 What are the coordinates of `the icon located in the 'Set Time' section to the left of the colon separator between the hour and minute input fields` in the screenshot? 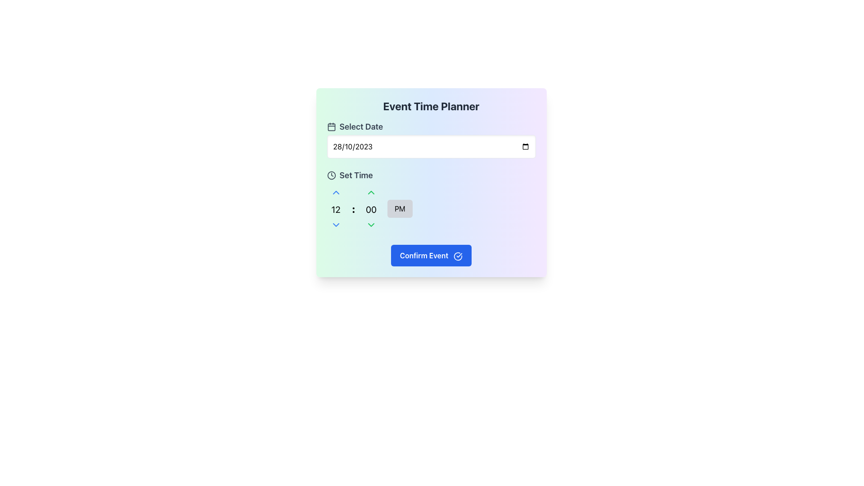 It's located at (335, 225).